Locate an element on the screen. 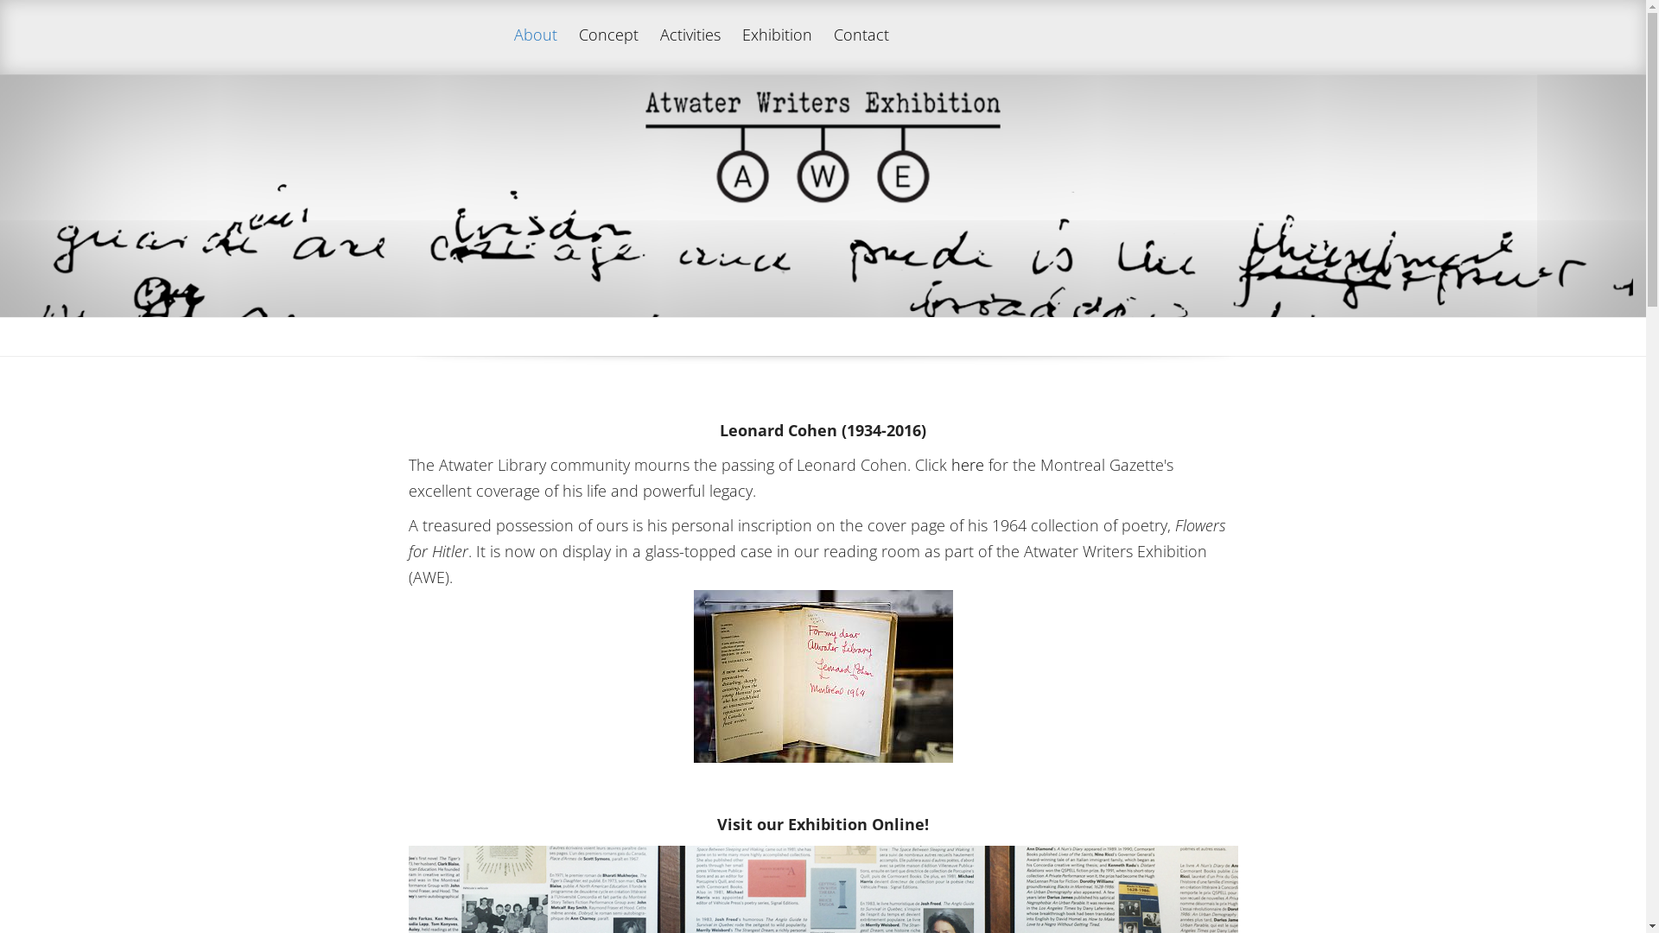  'Concept' is located at coordinates (608, 49).